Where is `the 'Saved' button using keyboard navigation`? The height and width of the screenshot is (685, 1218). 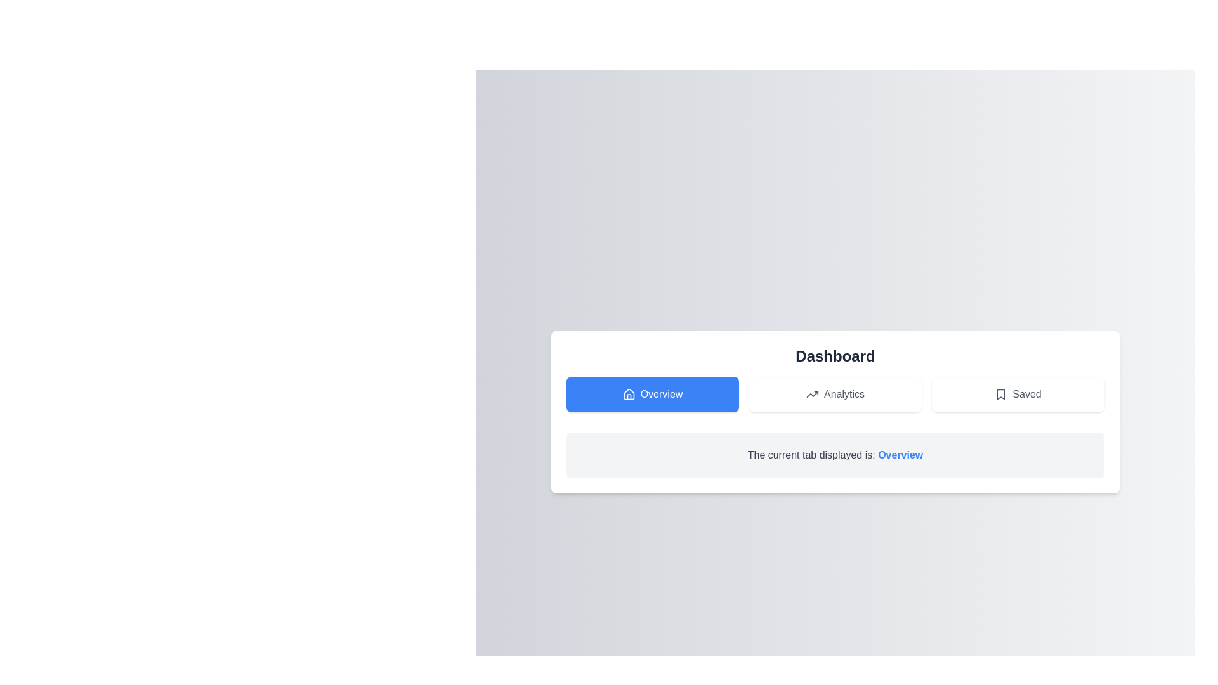
the 'Saved' button using keyboard navigation is located at coordinates (1018, 393).